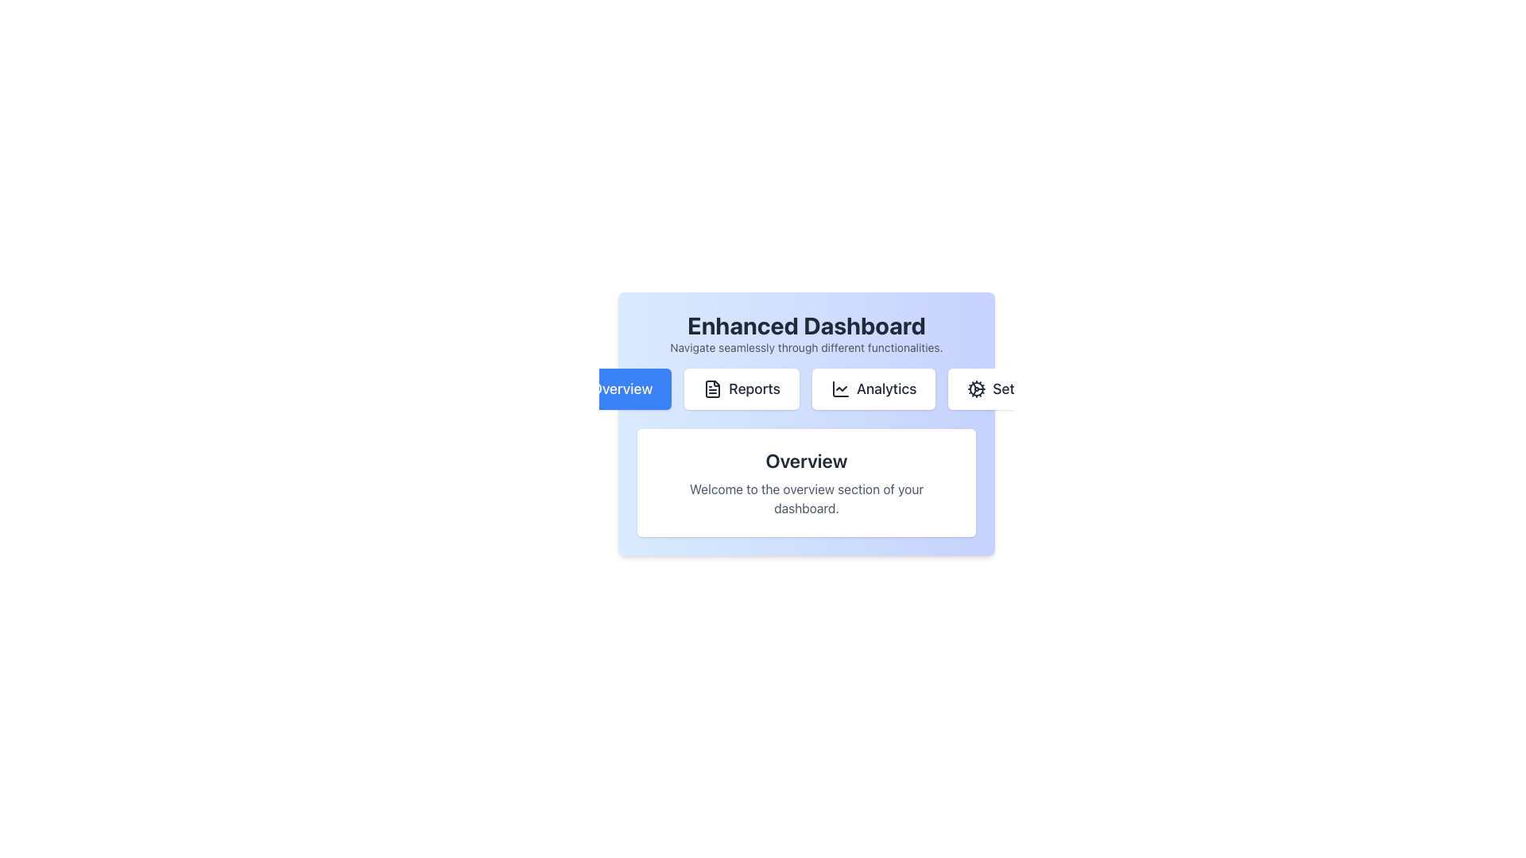 Image resolution: width=1526 pixels, height=858 pixels. Describe the element at coordinates (976, 388) in the screenshot. I see `the cogwheel icon located in the upper-right section of the navigation bar` at that location.